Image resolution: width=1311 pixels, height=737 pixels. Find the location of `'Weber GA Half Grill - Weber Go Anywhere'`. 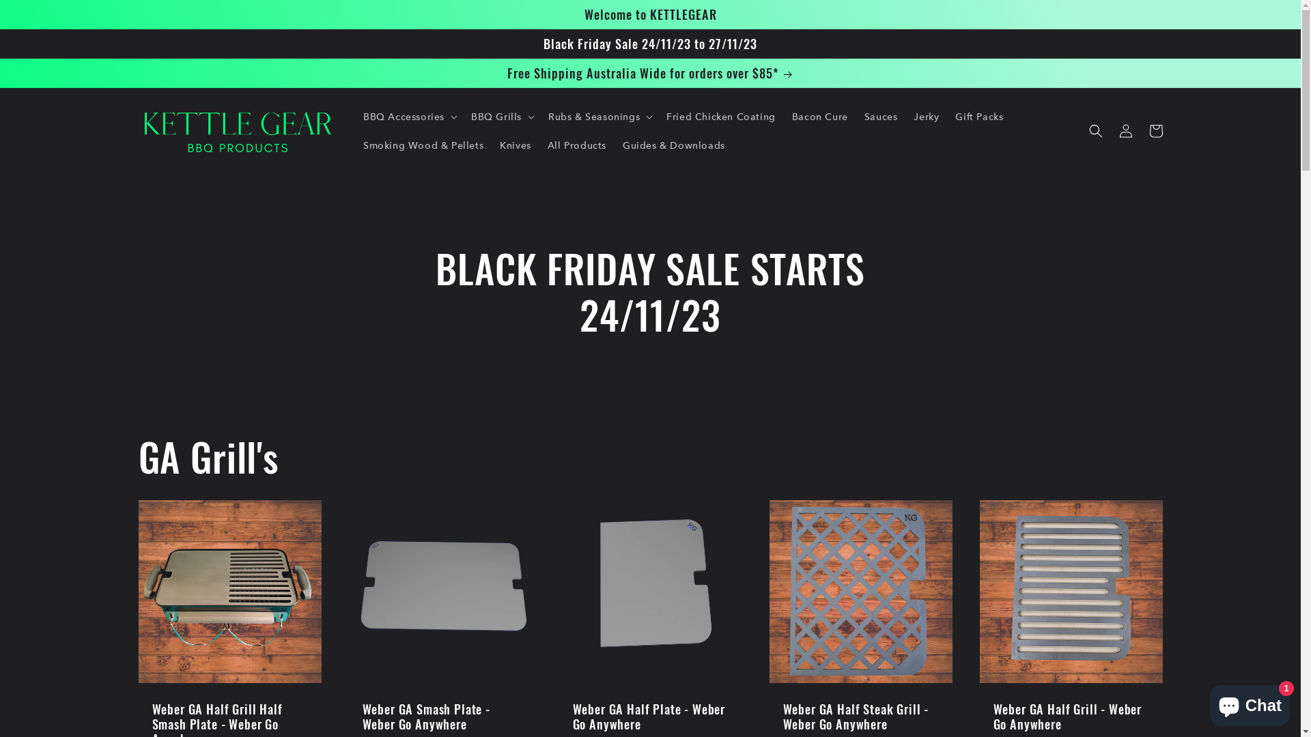

'Weber GA Half Grill - Weber Go Anywhere' is located at coordinates (1070, 715).